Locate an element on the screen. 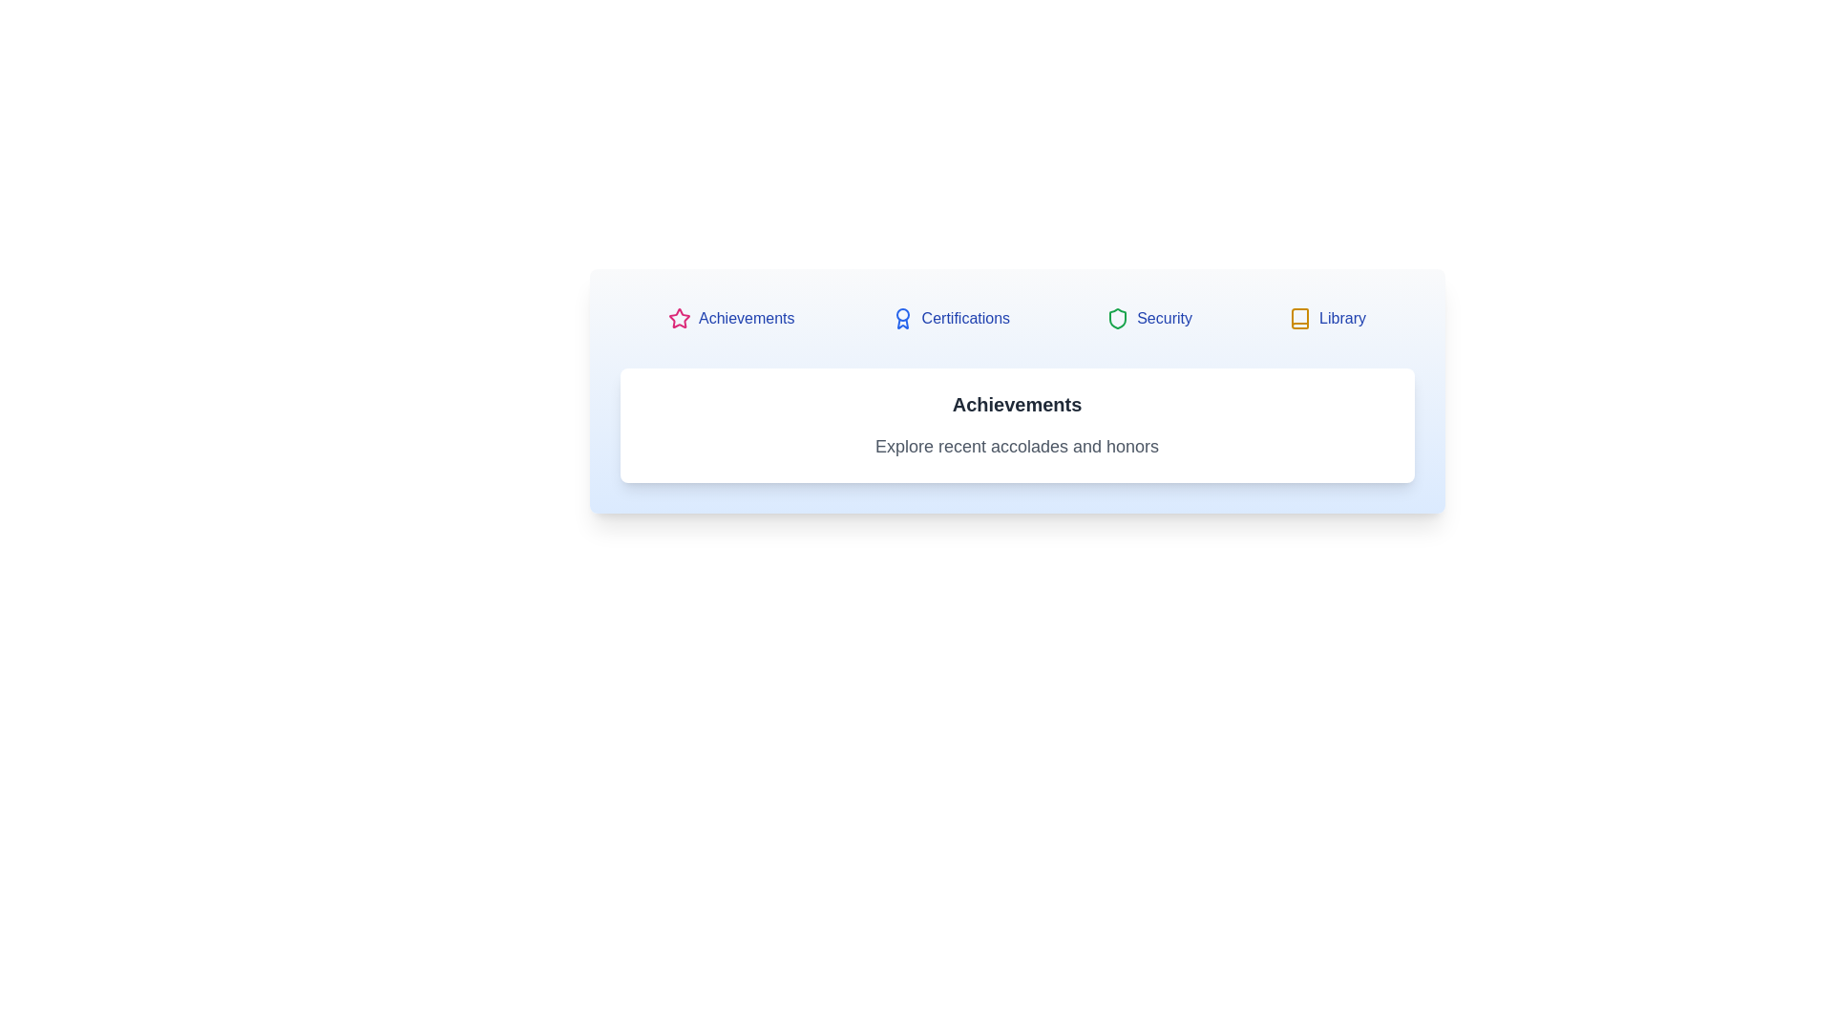  the tab corresponding to Library to switch sections is located at coordinates (1326, 318).